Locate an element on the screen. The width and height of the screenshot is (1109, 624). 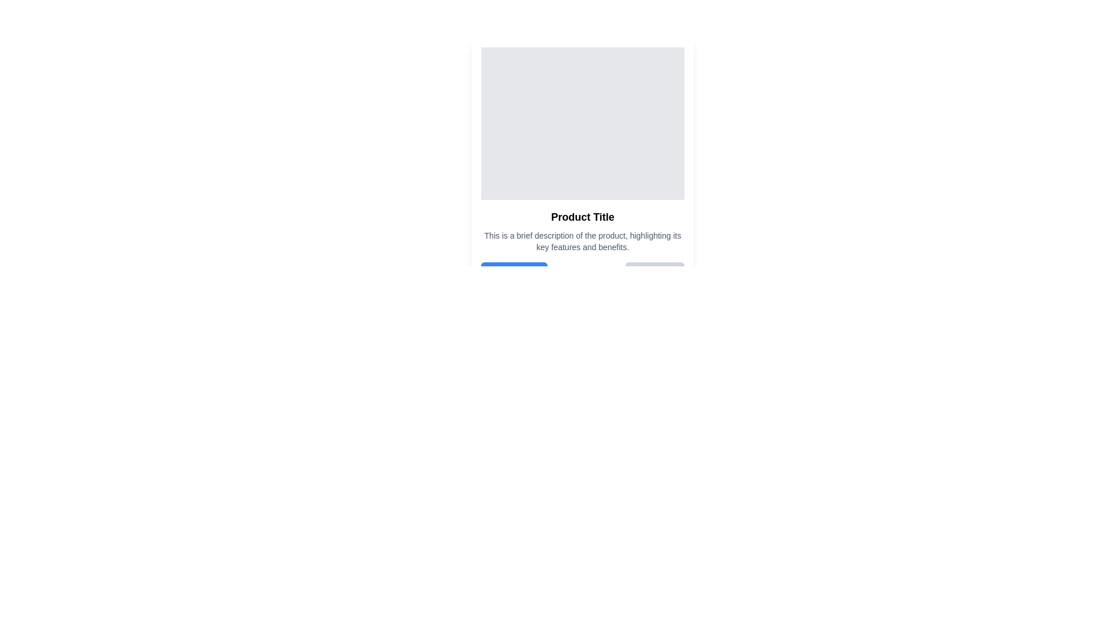
text from the 'Product Title' label, which is a bold, larger font text element positioned below a placeholder image is located at coordinates (582, 217).